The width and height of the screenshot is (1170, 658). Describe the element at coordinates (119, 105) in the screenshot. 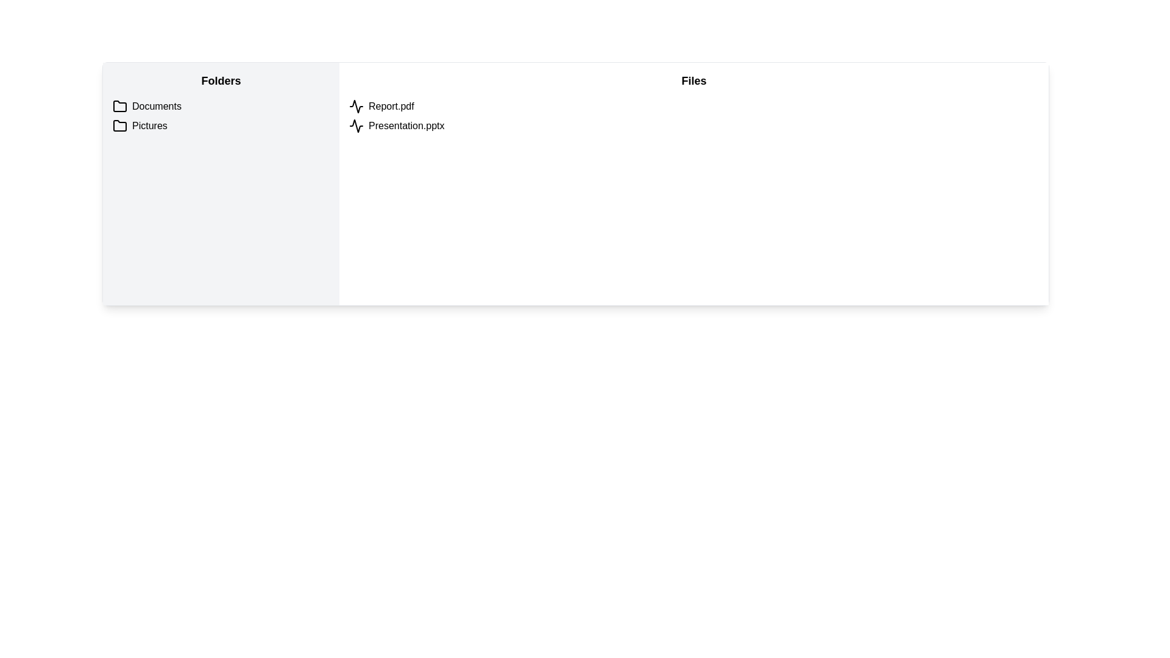

I see `the 'Documents' folder icon located in the 'Folders' section, which is the first icon in the list to enhance visual navigation` at that location.